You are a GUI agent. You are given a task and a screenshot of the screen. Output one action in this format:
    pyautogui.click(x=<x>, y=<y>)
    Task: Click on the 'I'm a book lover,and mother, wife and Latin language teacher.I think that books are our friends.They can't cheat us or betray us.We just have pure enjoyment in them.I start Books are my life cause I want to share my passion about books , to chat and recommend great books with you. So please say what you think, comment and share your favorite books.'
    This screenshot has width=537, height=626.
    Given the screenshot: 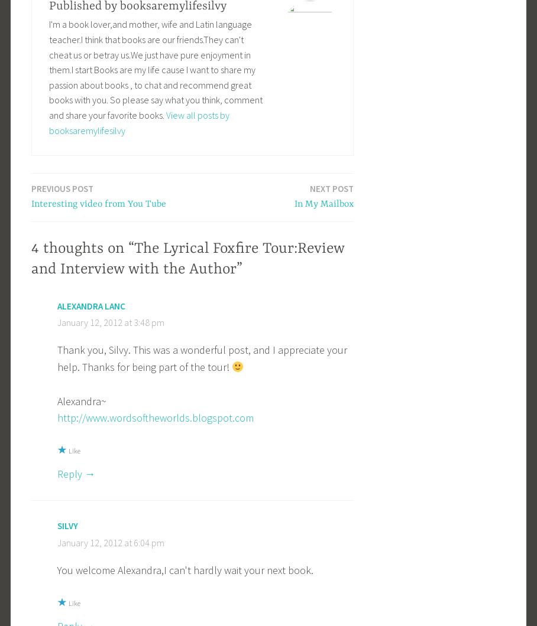 What is the action you would take?
    pyautogui.click(x=154, y=69)
    